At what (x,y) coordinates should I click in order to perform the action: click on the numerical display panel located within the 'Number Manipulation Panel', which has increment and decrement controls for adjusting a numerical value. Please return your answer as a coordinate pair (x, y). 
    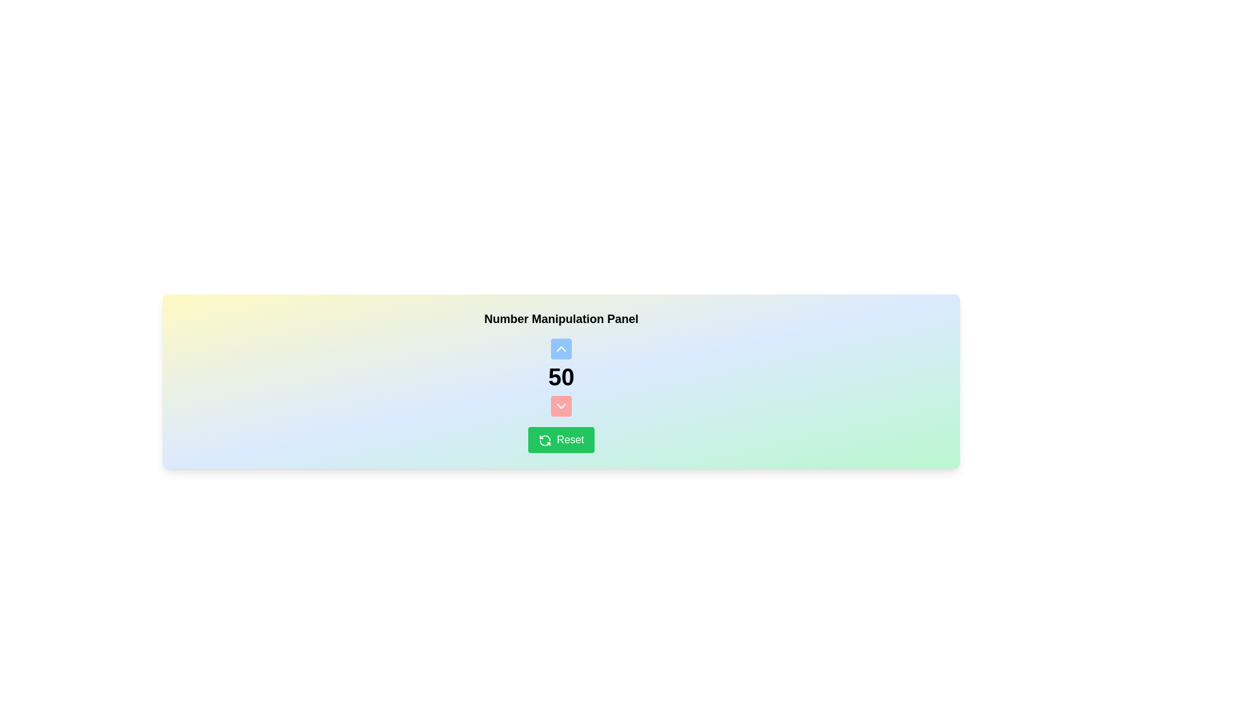
    Looking at the image, I should click on (561, 378).